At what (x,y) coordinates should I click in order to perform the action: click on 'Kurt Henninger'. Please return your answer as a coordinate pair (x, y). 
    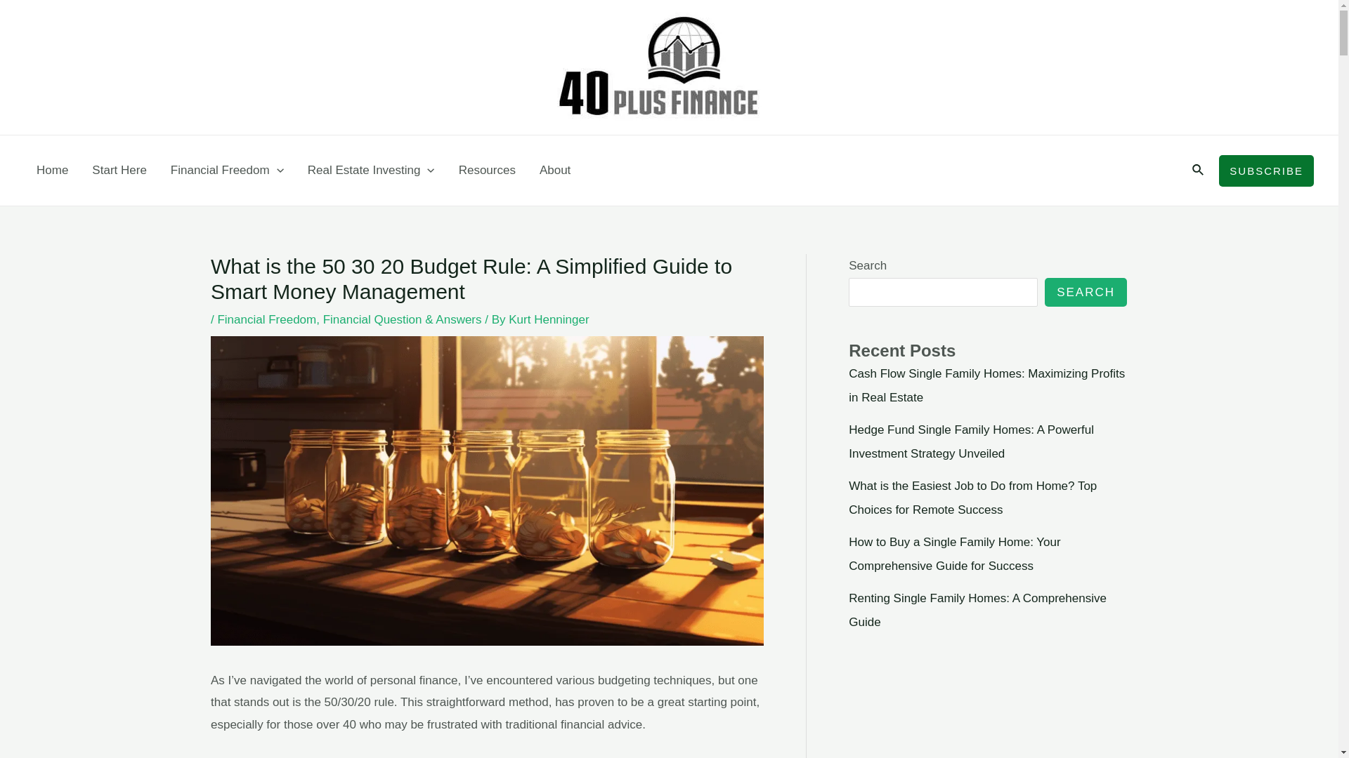
    Looking at the image, I should click on (548, 319).